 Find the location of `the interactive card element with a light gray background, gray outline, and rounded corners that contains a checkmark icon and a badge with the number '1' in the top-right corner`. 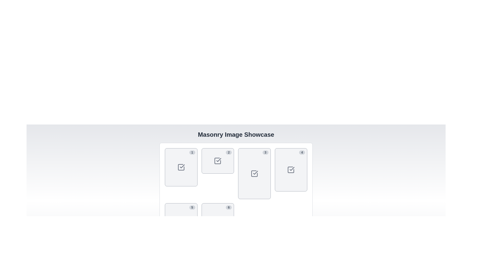

the interactive card element with a light gray background, gray outline, and rounded corners that contains a checkmark icon and a badge with the number '1' in the top-right corner is located at coordinates (181, 167).